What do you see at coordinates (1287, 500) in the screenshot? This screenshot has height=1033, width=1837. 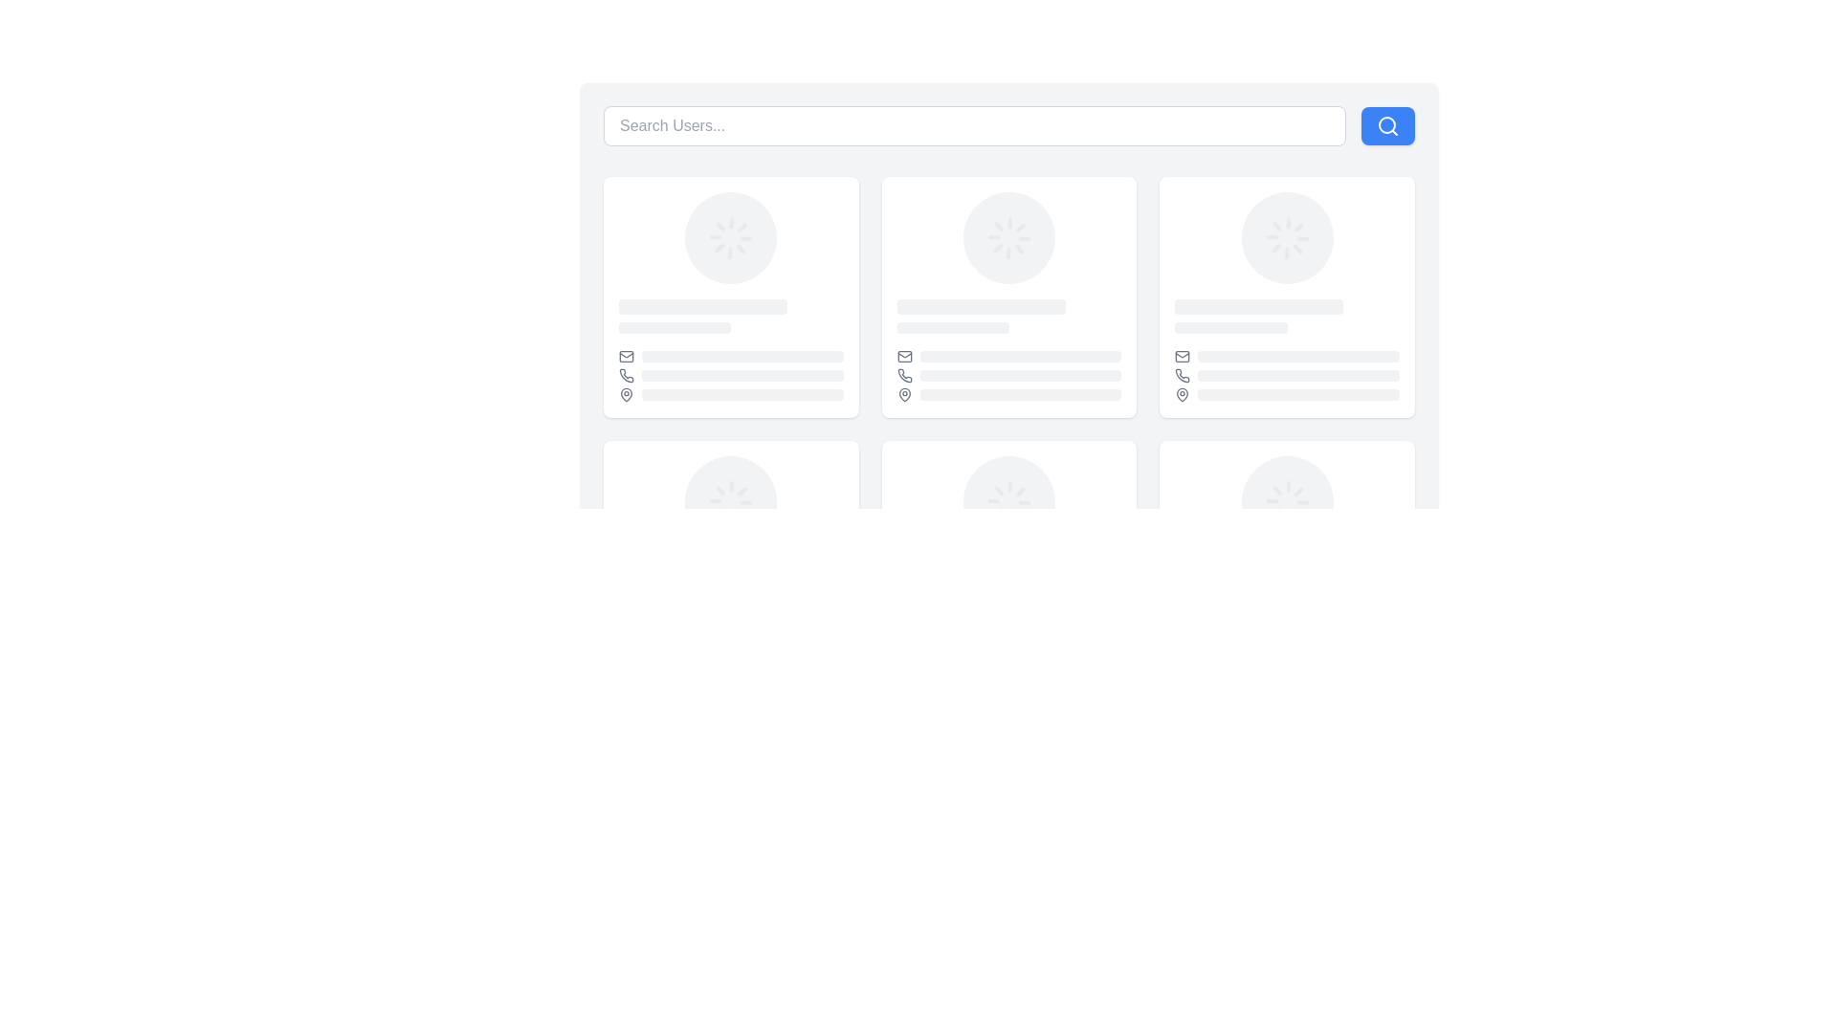 I see `the Loading Spinner element that indicates data is being loaded, positioned centrally beneath the main profile image placeholder` at bounding box center [1287, 500].